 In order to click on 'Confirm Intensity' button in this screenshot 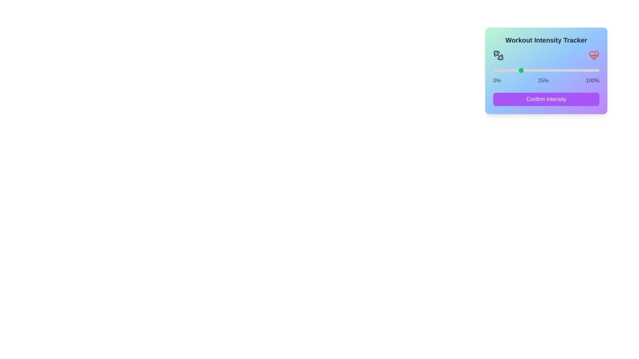, I will do `click(546, 99)`.